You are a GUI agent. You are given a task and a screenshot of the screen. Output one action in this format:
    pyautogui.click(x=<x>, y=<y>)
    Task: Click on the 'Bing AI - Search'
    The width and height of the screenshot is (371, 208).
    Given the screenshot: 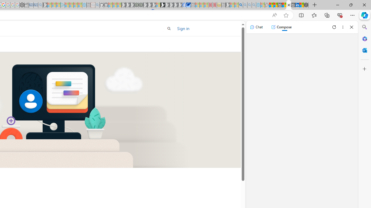 What is the action you would take?
    pyautogui.click(x=241, y=5)
    